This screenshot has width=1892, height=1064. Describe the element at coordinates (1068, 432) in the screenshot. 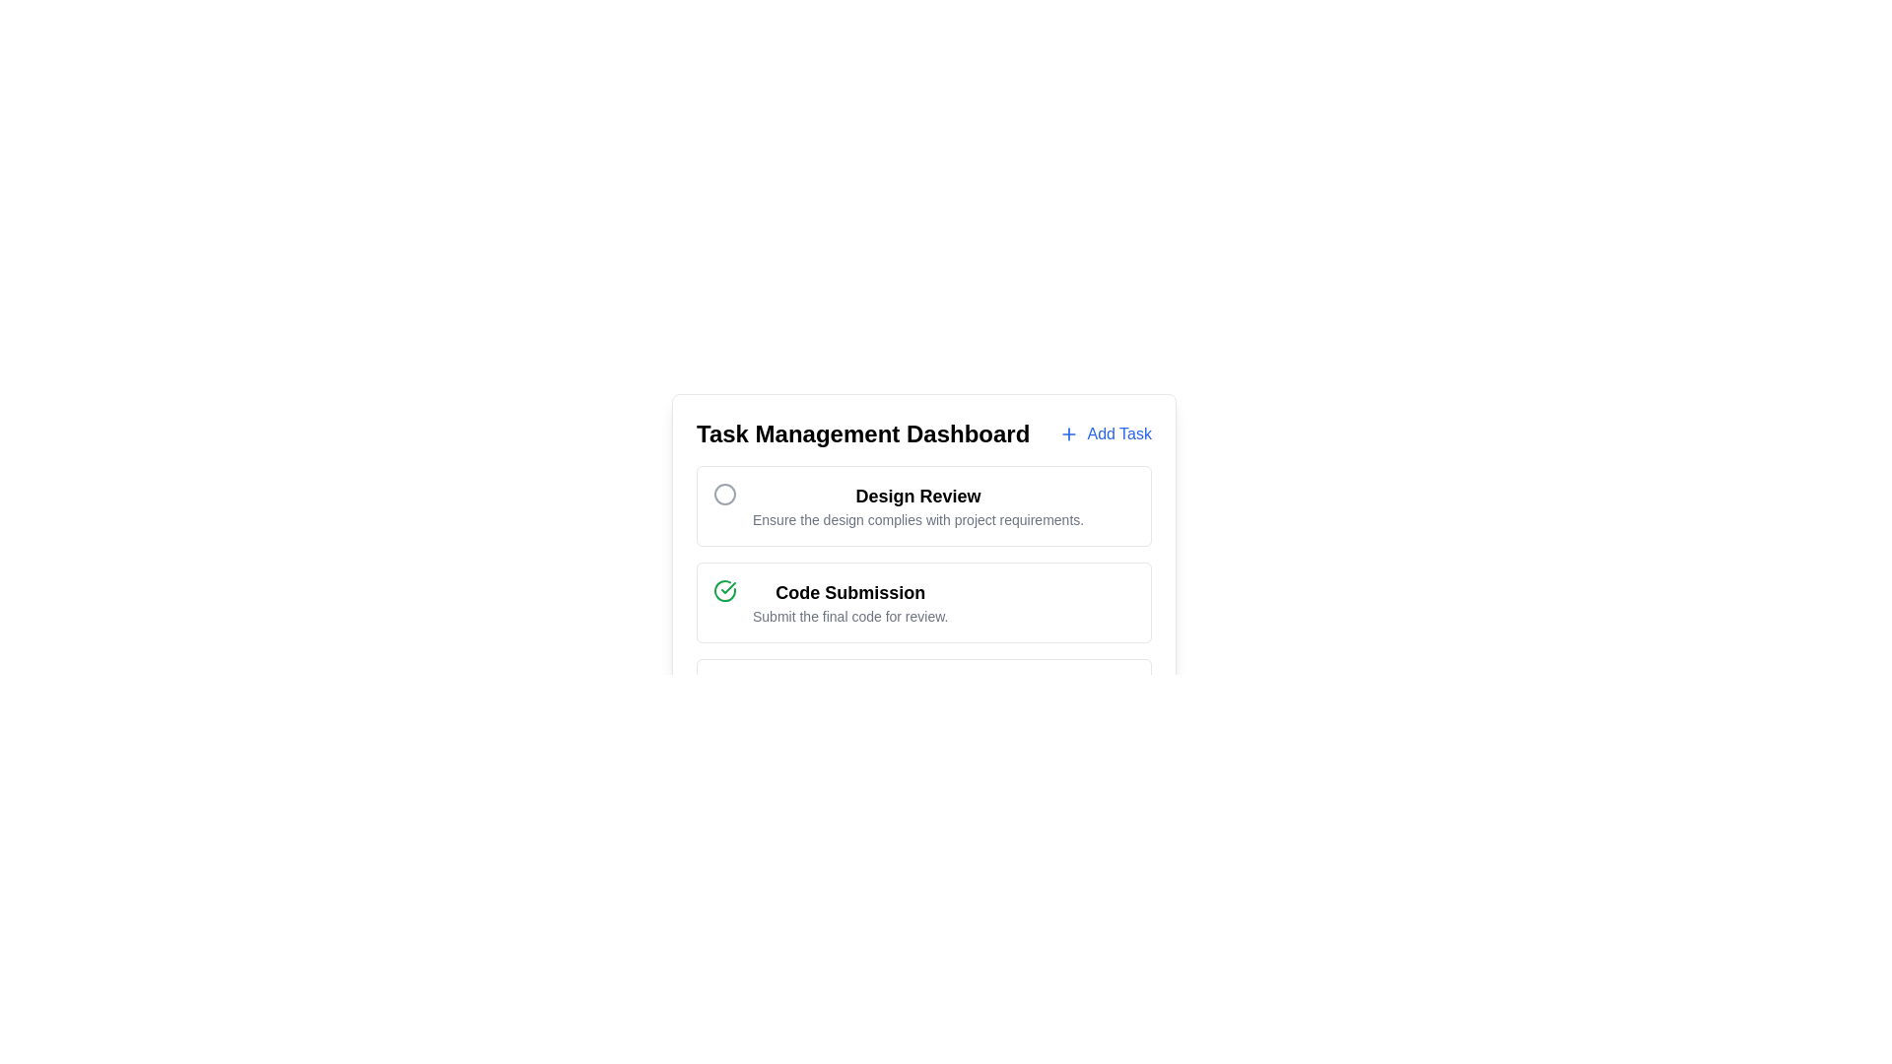

I see `the '+' button located to the right of the 'Add Task' text in the top-right corner of the 'Task Management Dashboard'` at that location.